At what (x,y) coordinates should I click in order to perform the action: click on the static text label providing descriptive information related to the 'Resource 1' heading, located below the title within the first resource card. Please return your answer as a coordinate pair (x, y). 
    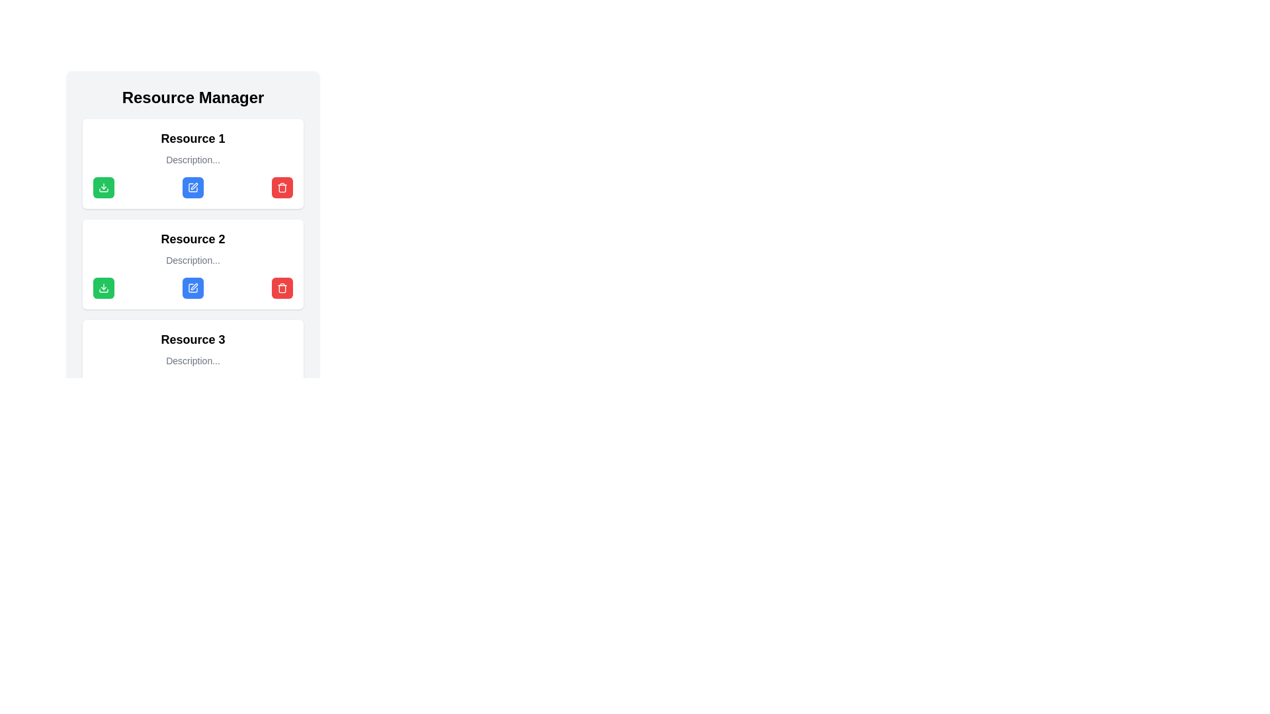
    Looking at the image, I should click on (192, 159).